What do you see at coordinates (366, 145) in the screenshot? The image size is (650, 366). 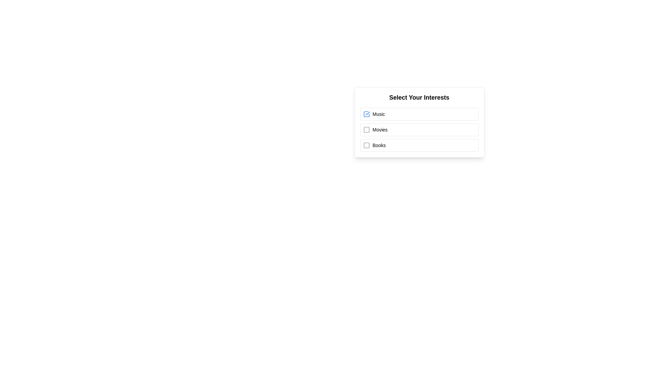 I see `the checkbox element for 'Books'` at bounding box center [366, 145].